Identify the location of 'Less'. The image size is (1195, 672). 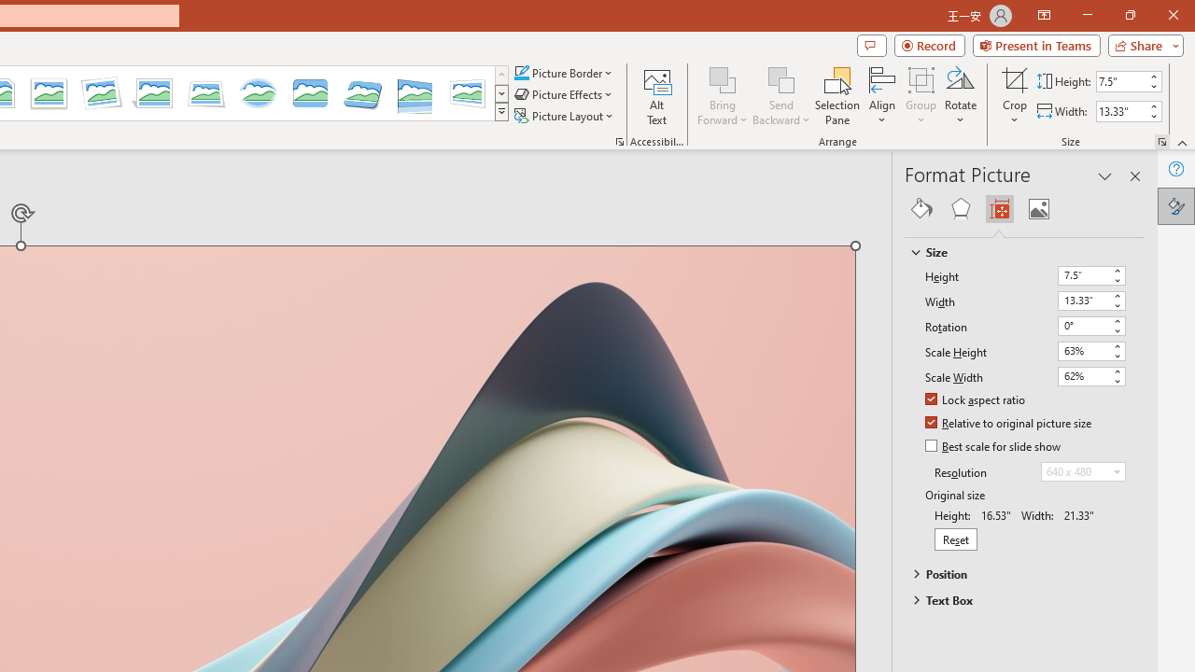
(1152, 116).